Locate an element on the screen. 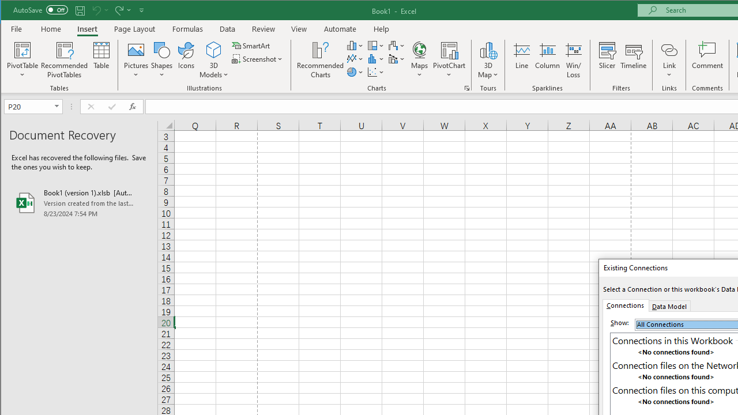 This screenshot has width=738, height=415. 'Recommended PivotTables' is located at coordinates (64, 60).